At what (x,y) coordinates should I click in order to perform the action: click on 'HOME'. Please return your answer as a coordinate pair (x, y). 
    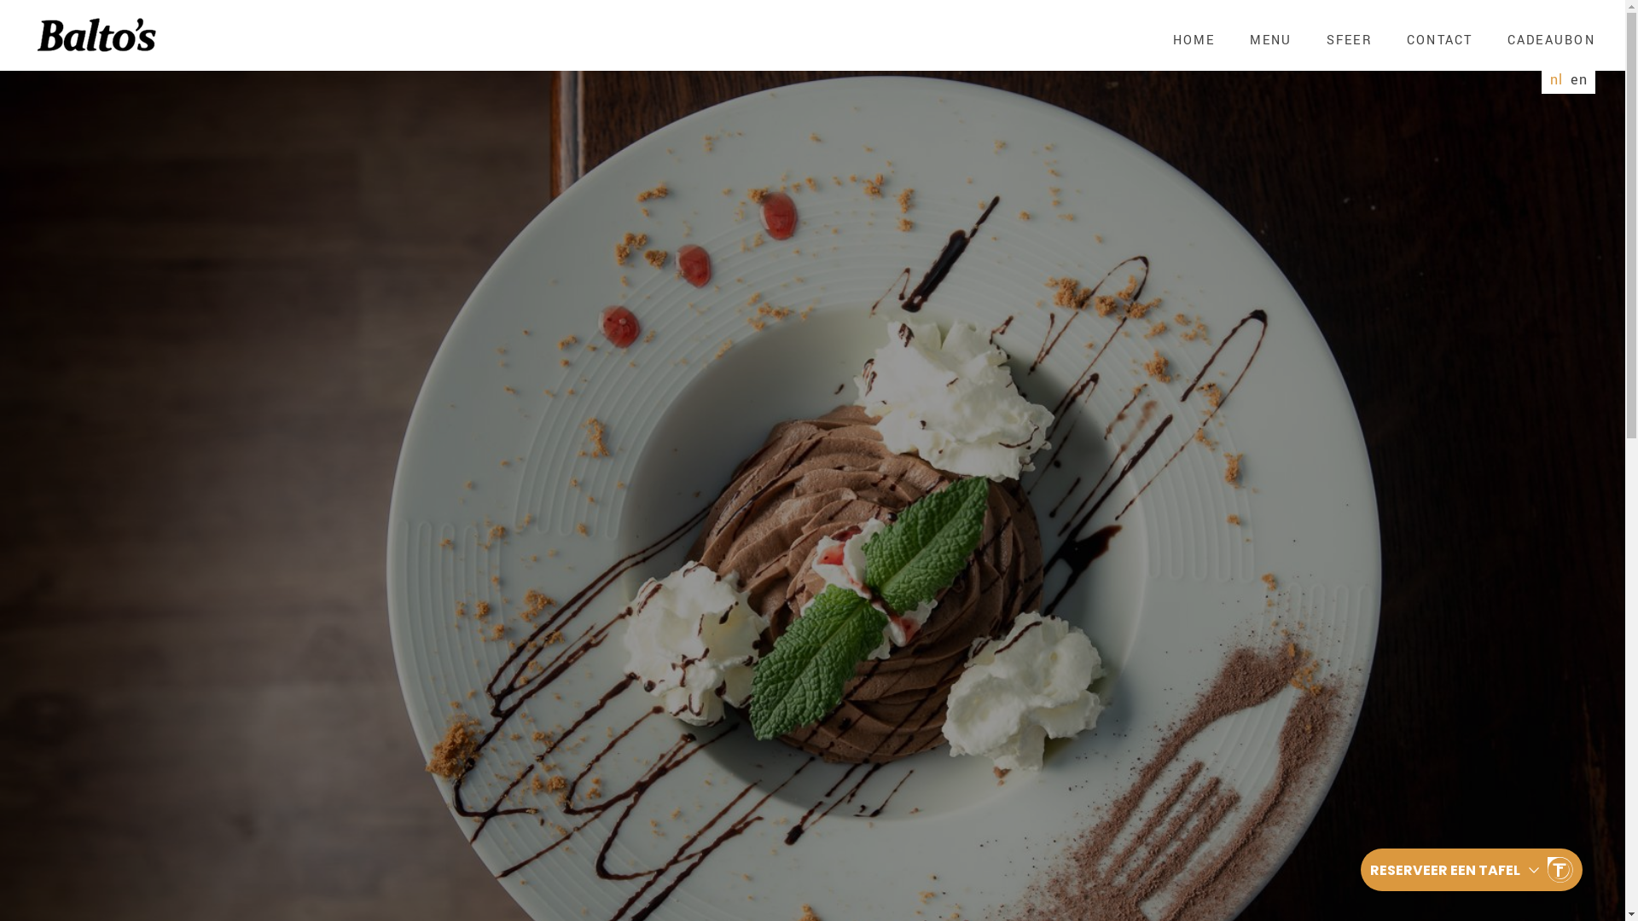
    Looking at the image, I should click on (1171, 39).